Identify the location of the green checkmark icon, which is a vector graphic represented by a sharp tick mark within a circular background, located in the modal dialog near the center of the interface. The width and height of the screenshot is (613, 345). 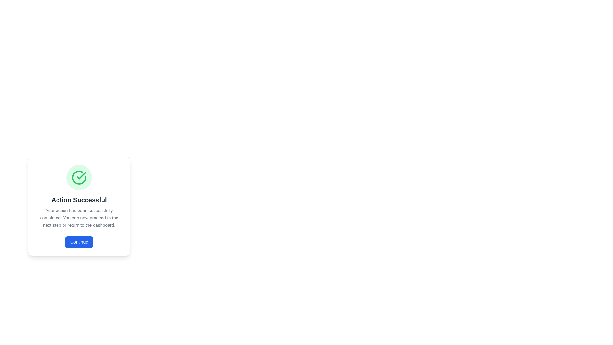
(81, 176).